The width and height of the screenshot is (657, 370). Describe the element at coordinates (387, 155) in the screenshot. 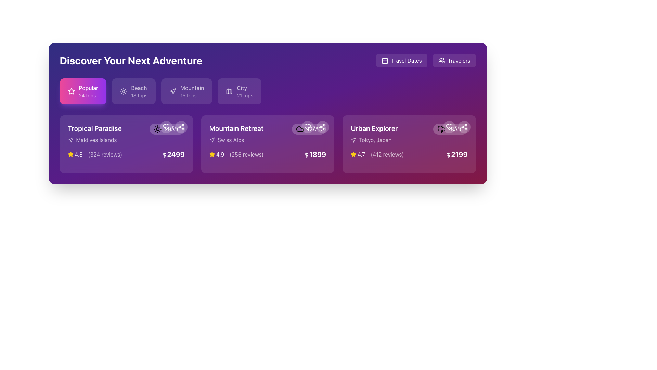

I see `the Text label that displays the number of user reviews (412) for the 'Urban Explorer' offer, located below the rating (4.7) and above the price ($2199)` at that location.